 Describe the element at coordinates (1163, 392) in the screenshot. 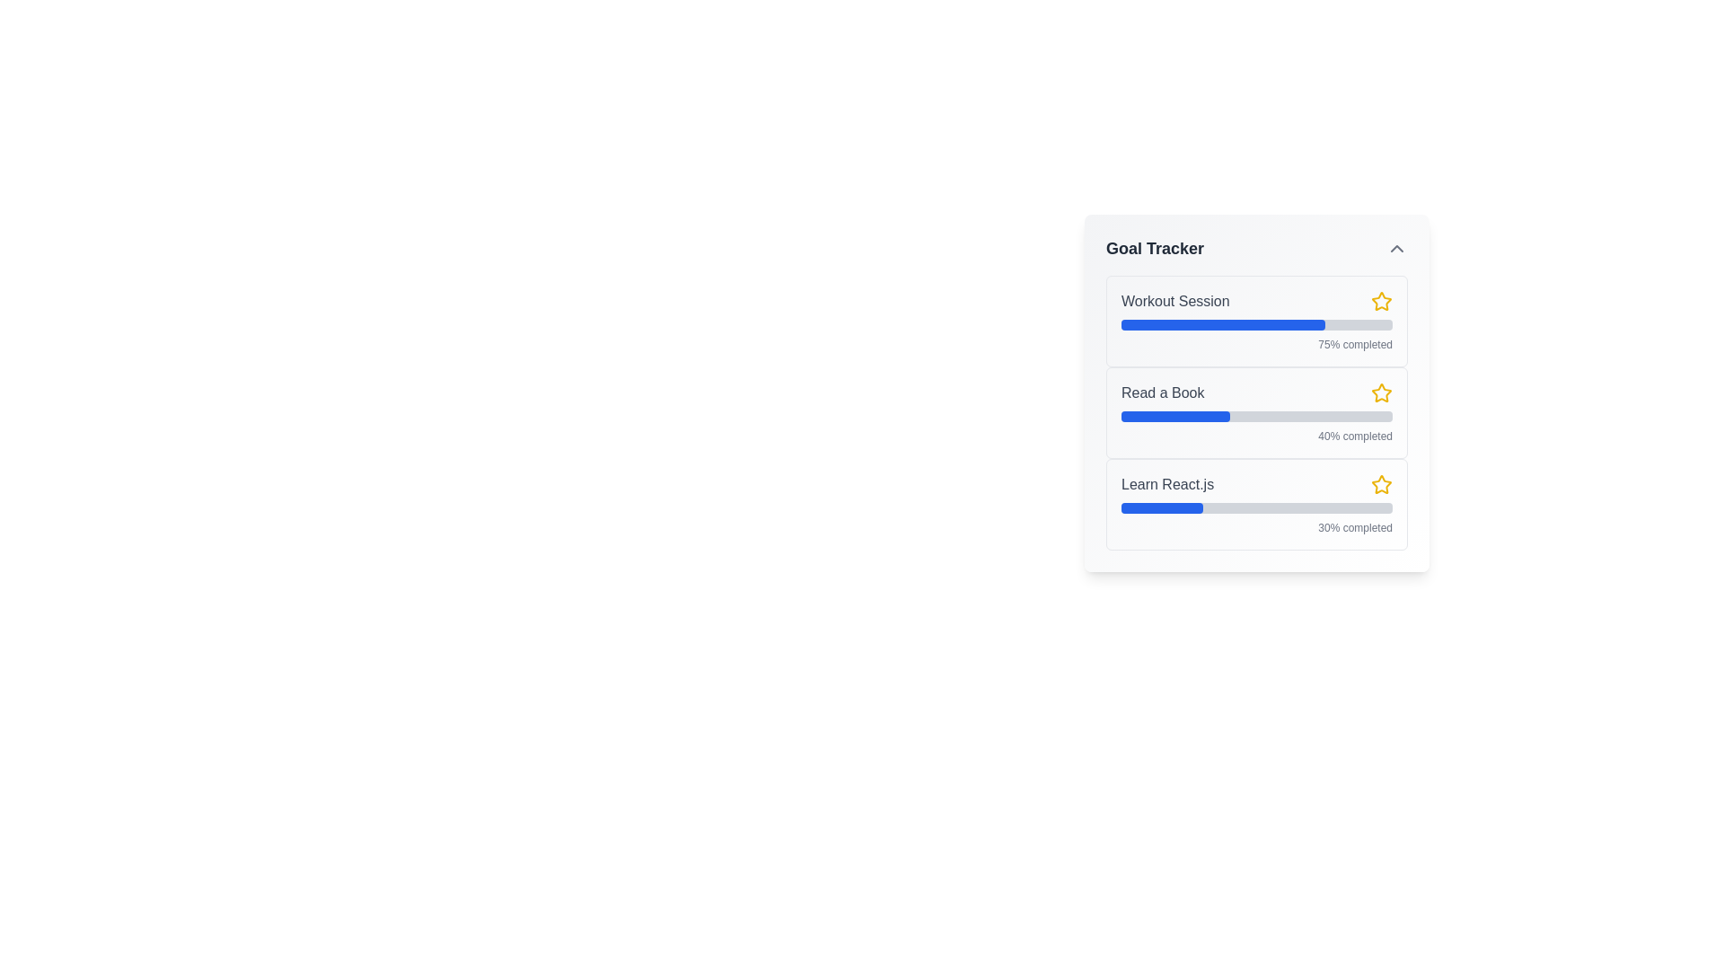

I see `the text label that reads 'Read a Book', styled with medium-weight font and gray color, located within a white card-like UI component, positioned above a blue progress bar and to the left of a yellow star icon in the Goal Tracker section` at that location.